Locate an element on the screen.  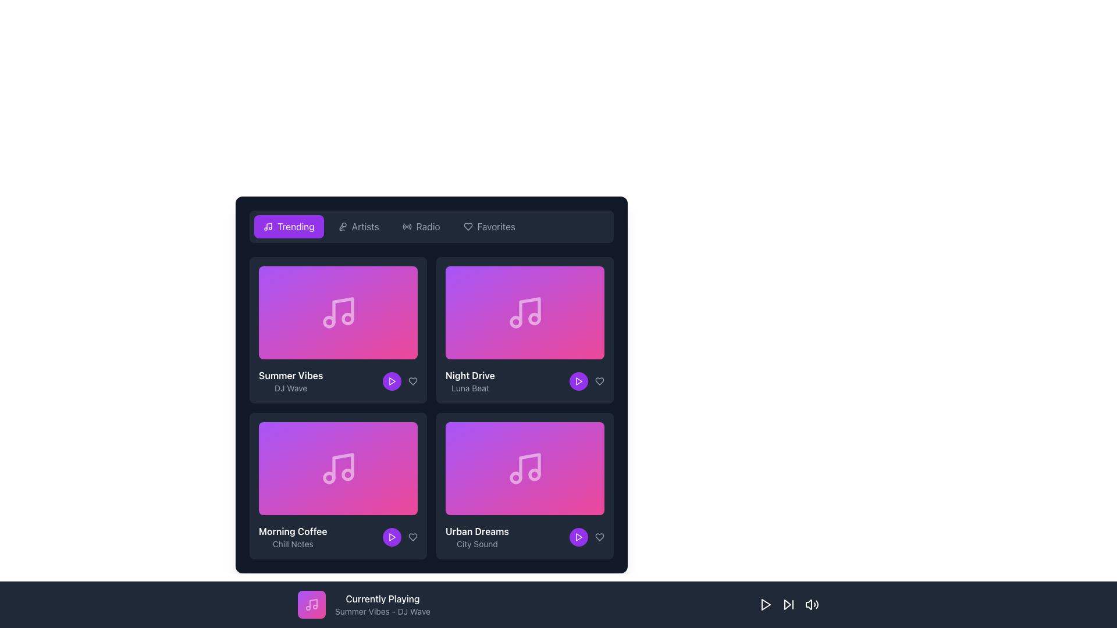
the Decorative circle element in the SVG graphic representing a musical note, located on the central right side of the icon within the 'Summer Vibes' card is located at coordinates (347, 319).